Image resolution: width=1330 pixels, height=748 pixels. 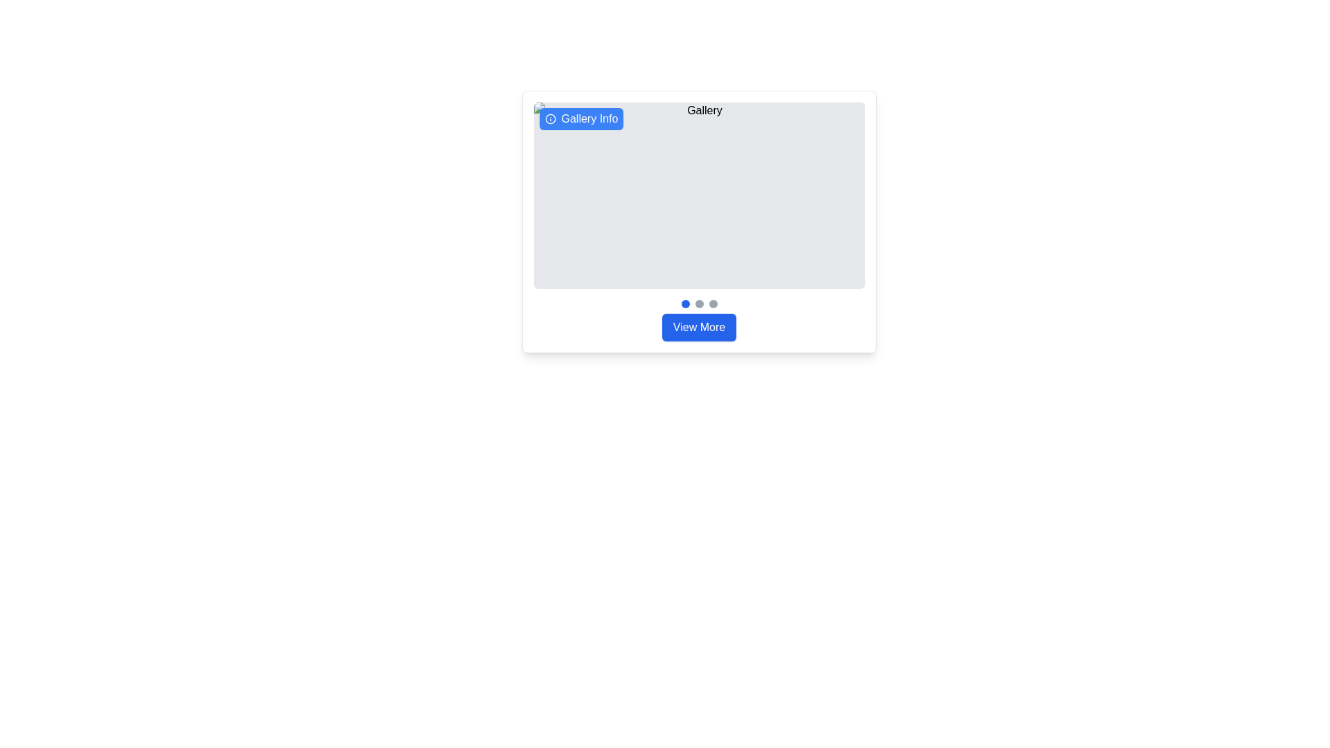 I want to click on the second gray dot in the sequence of three horizontal dots, so click(x=699, y=303).